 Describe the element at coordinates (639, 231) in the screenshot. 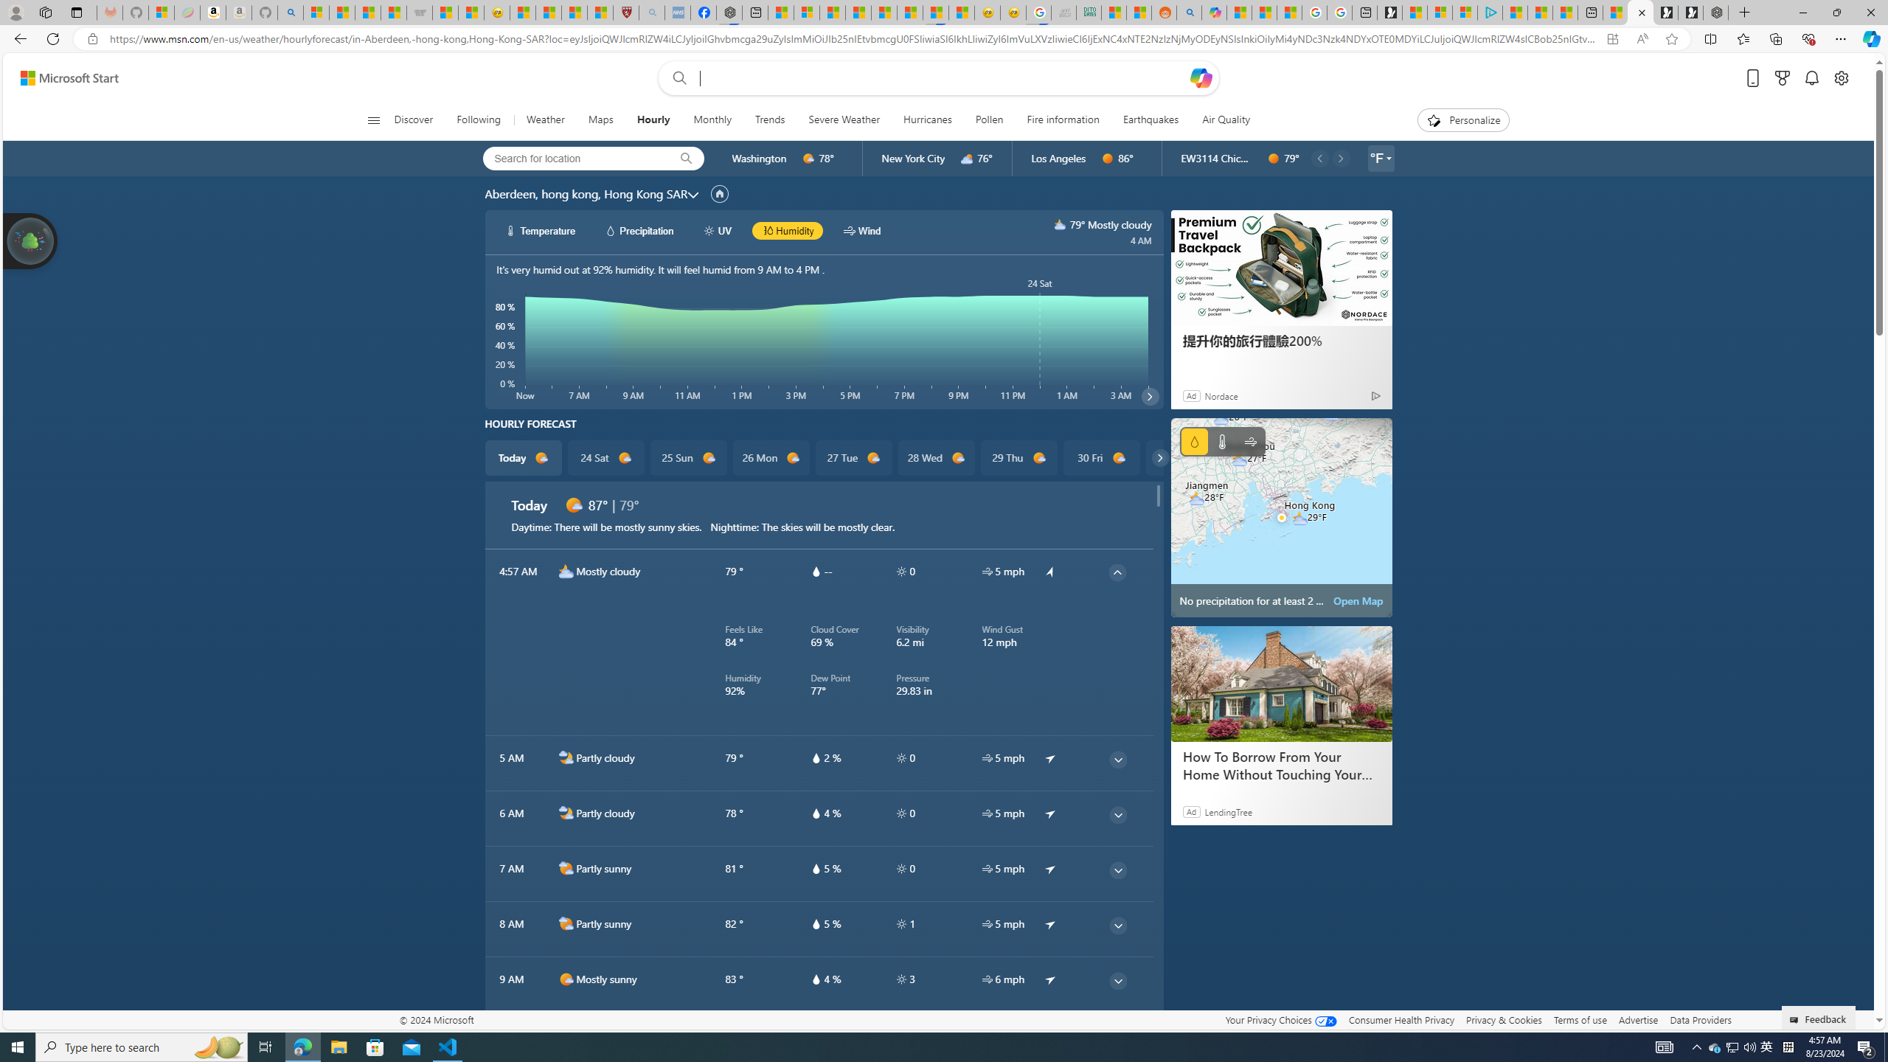

I see `'hourlyChart/precipitationWhite Precipitation'` at that location.